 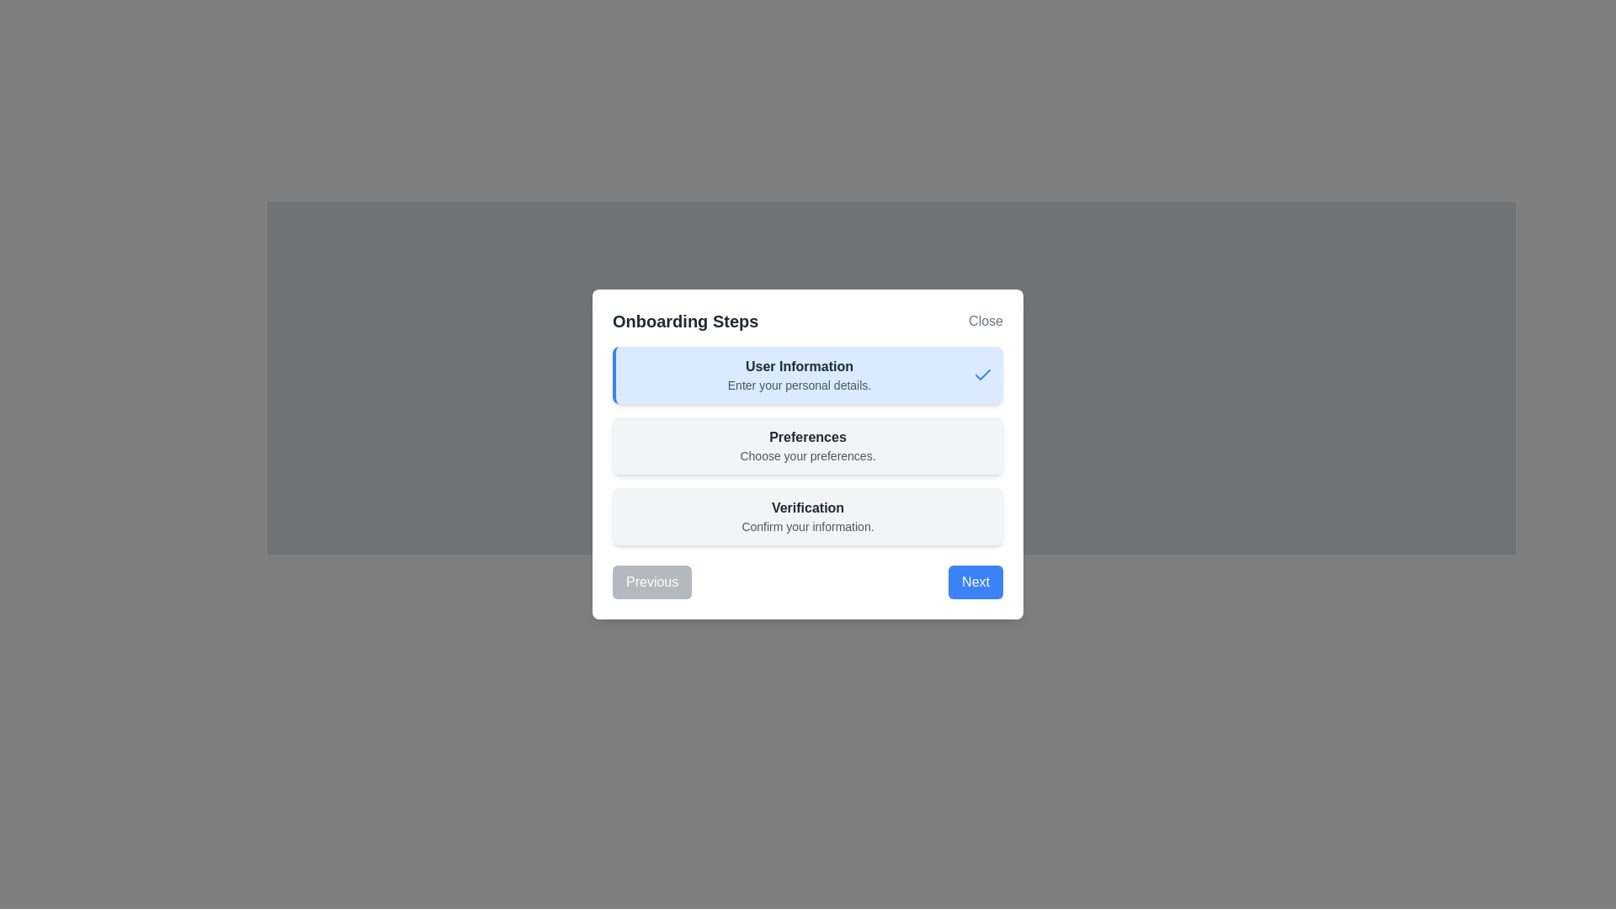 I want to click on the 'Preferences' informational card, so click(x=808, y=473).